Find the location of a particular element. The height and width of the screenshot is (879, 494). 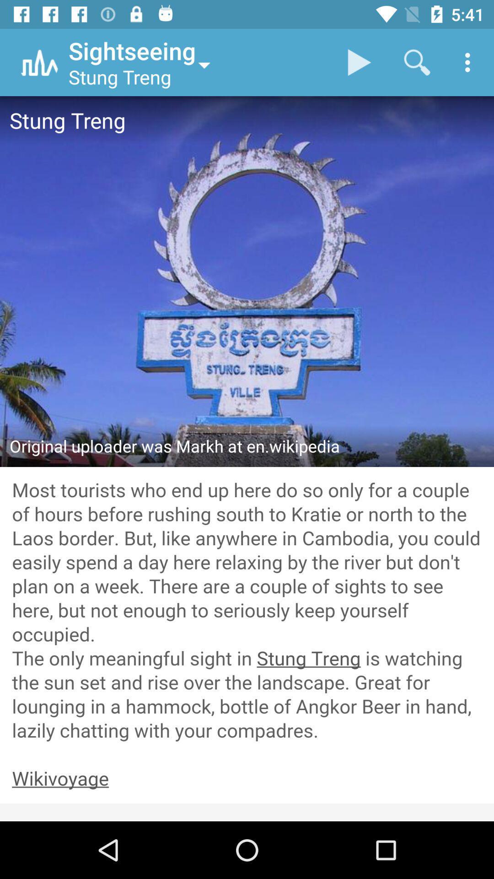

shows the content is located at coordinates (247, 611).